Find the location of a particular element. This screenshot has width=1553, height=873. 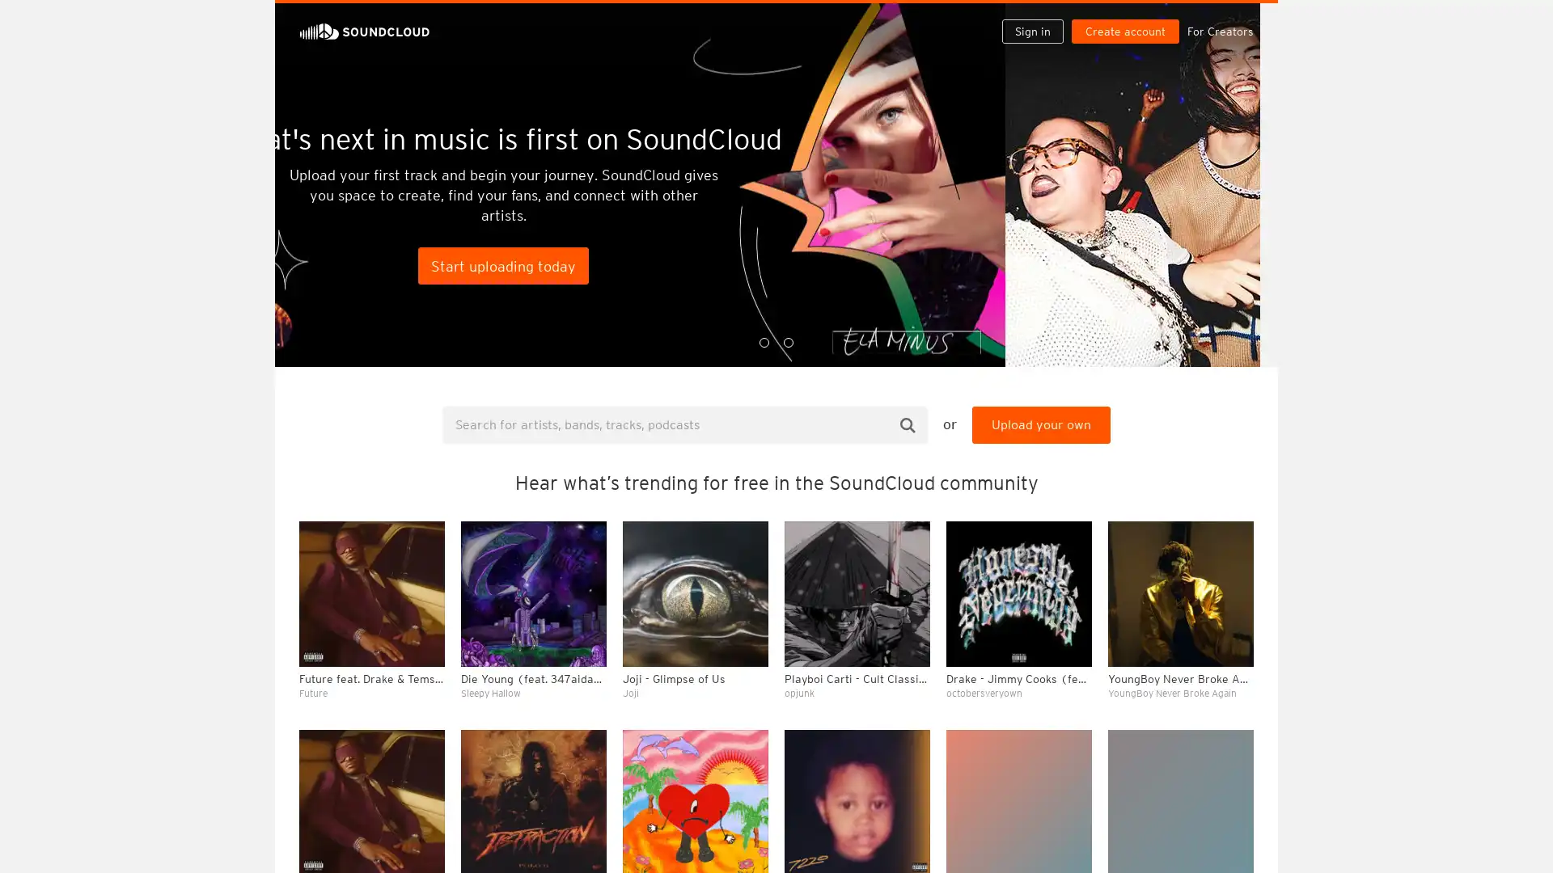

Sign in is located at coordinates (1039, 18).